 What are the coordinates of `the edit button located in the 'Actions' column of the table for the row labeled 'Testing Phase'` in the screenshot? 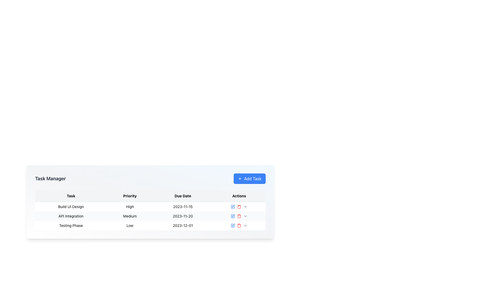 It's located at (233, 225).